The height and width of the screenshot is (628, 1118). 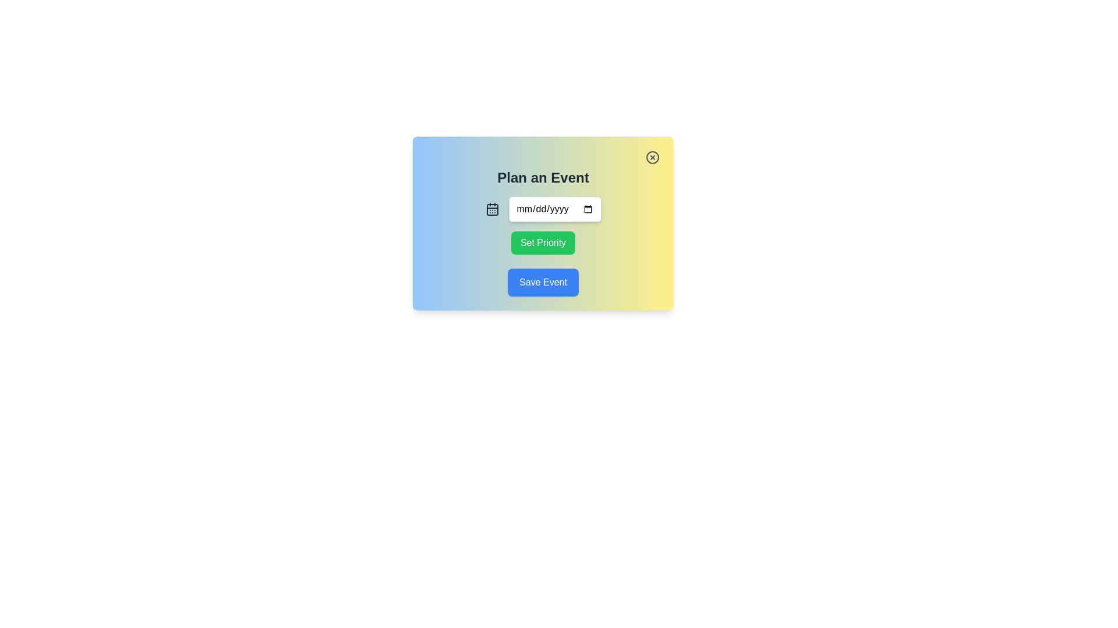 I want to click on the circular close button with an 'X' glyph located at the top-right corner of the 'Plan an Event' modal, so click(x=653, y=157).